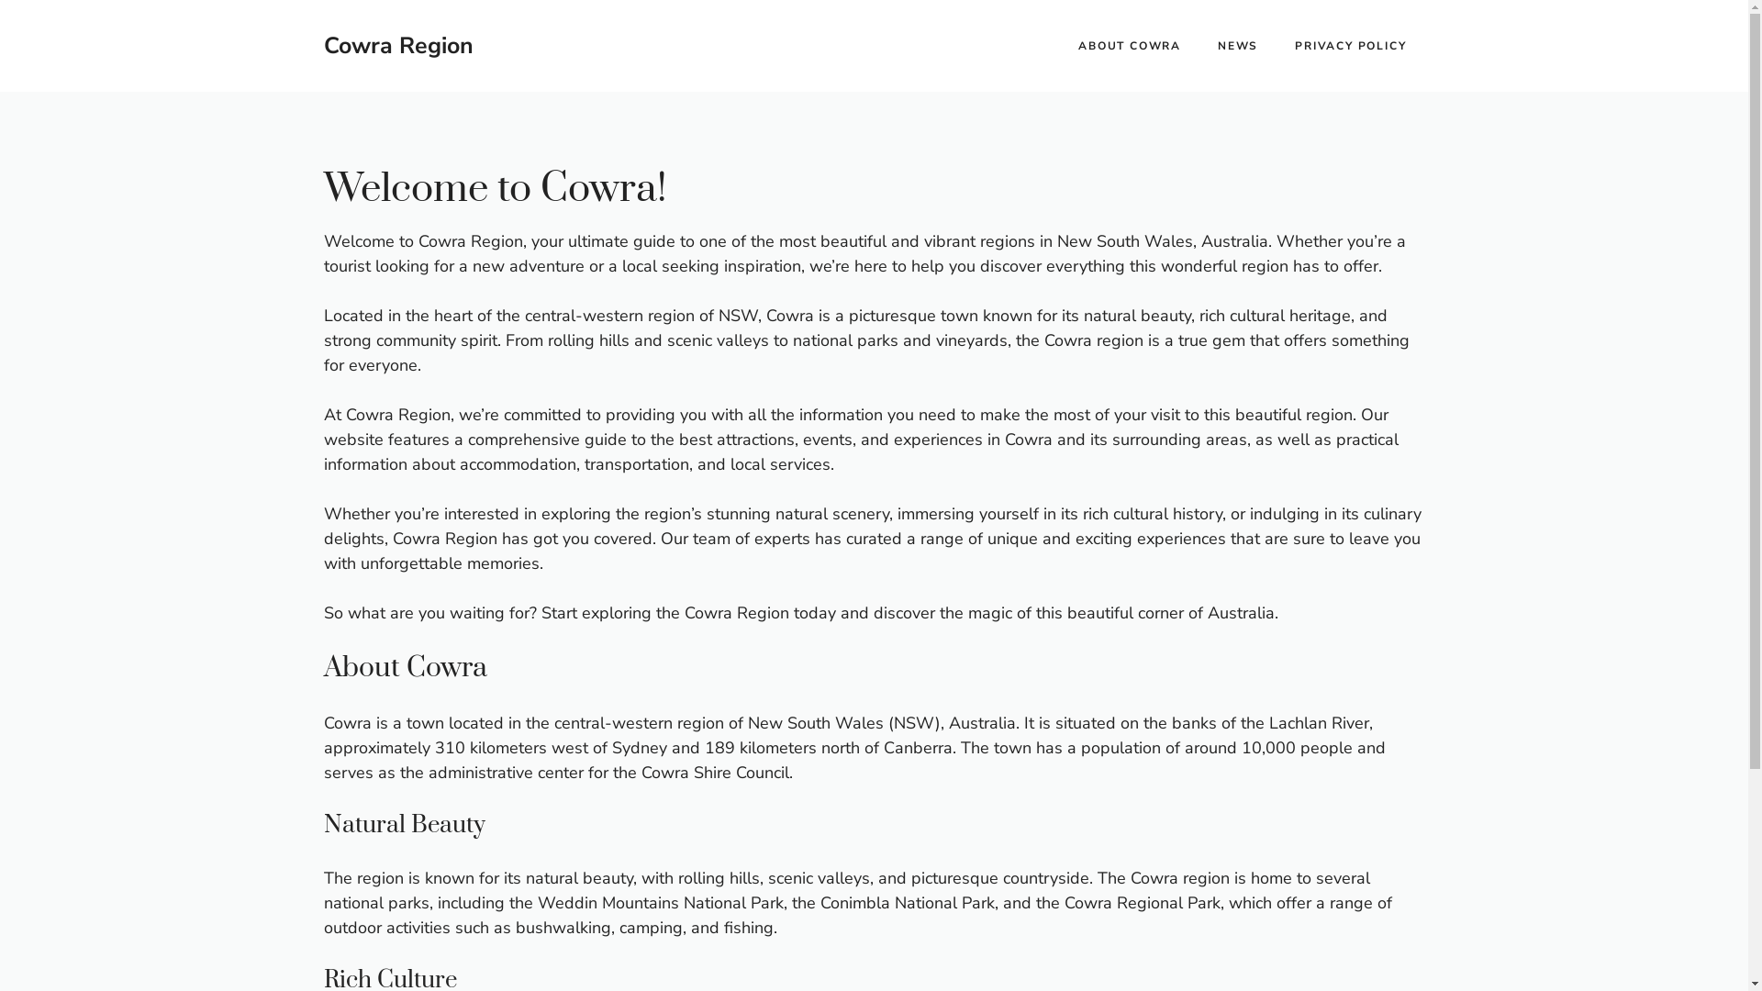 The image size is (1762, 991). I want to click on 'ABOUT COWRA', so click(1128, 45).